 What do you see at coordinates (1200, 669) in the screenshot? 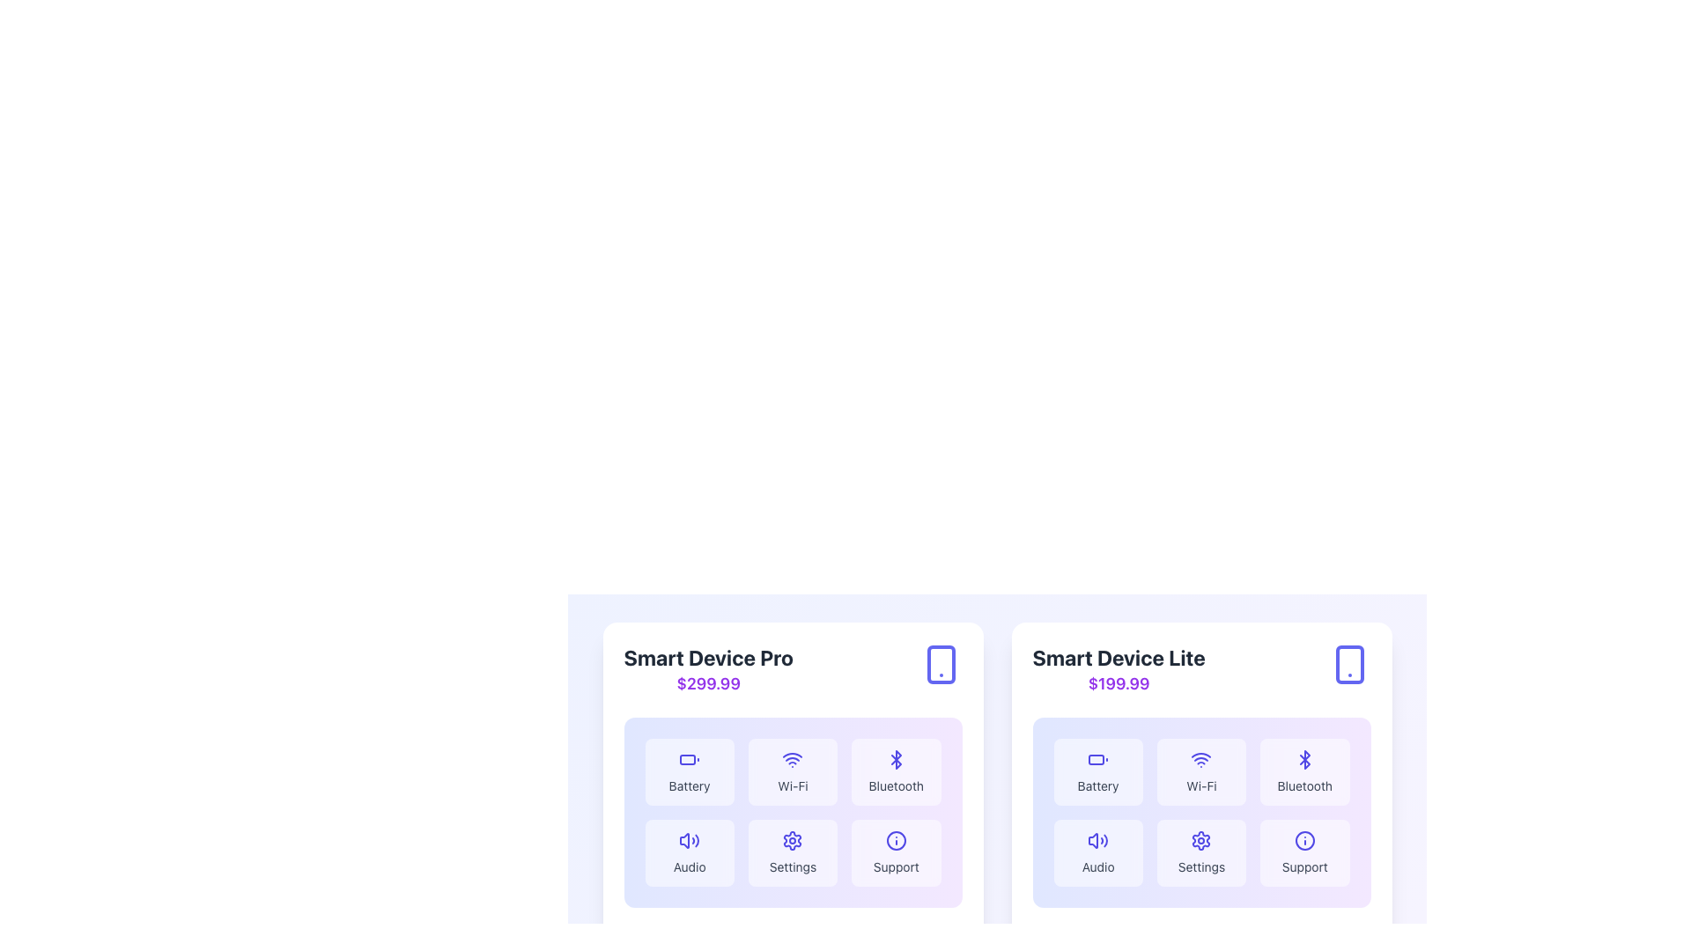
I see `text block displaying the product name 'Smart Device Lite' and its price '$199.99', which is located at the top of the product card, to obtain item information` at bounding box center [1200, 669].